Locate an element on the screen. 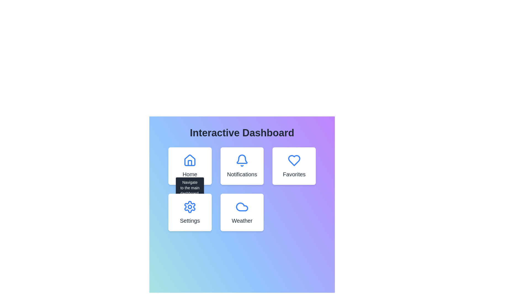 This screenshot has height=298, width=530. the heart-shaped icon with a blue stroke located in the 'Favorites' section at the top-right corner of the interface is located at coordinates (294, 161).